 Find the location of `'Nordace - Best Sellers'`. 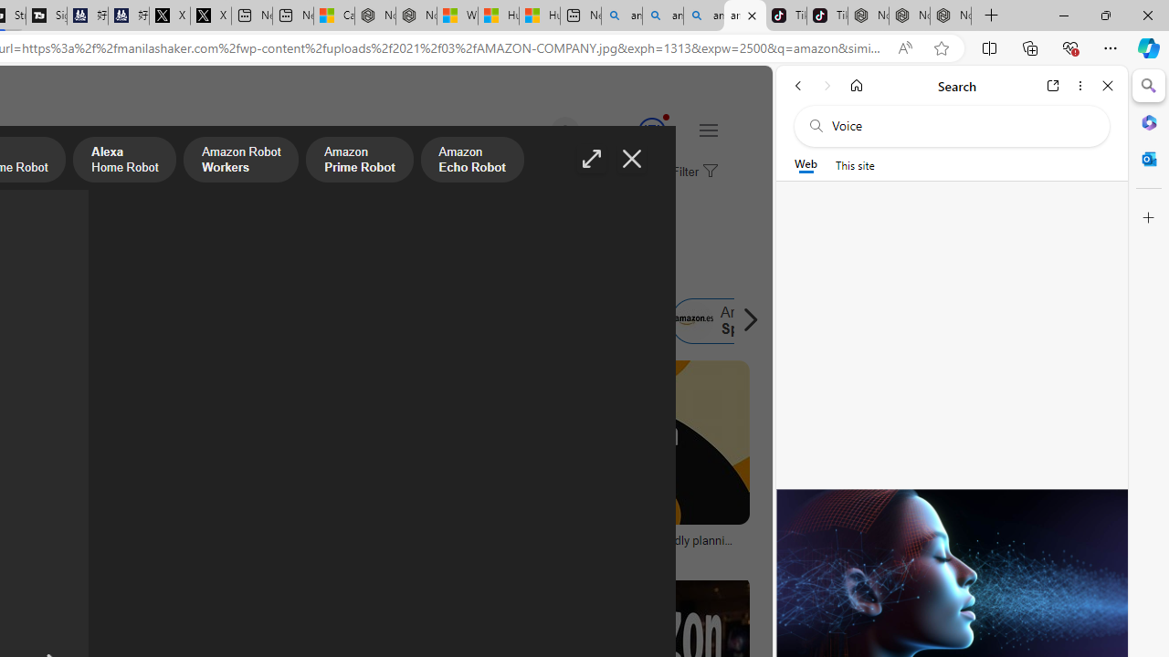

'Nordace - Best Sellers' is located at coordinates (868, 16).